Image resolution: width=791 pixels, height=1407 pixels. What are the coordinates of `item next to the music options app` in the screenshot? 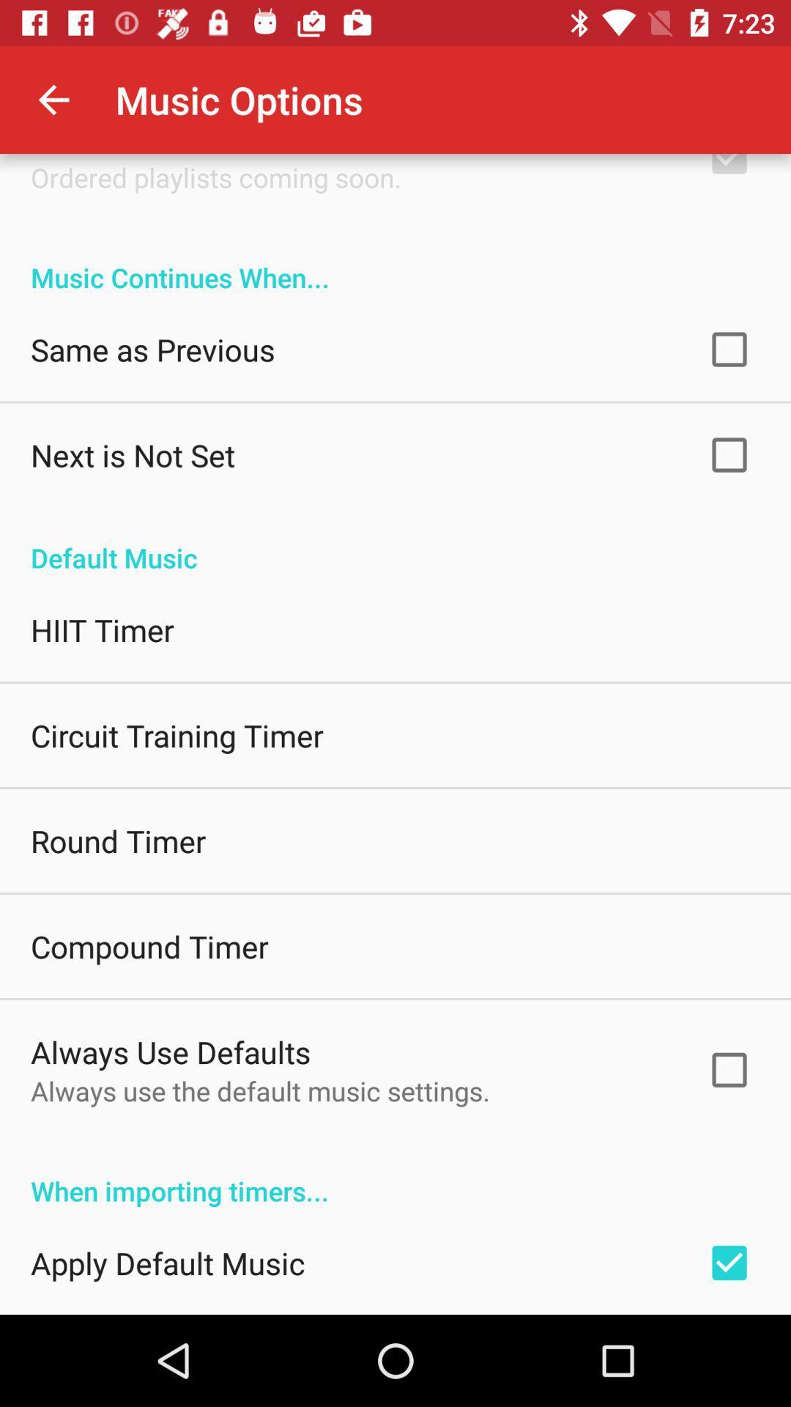 It's located at (53, 99).